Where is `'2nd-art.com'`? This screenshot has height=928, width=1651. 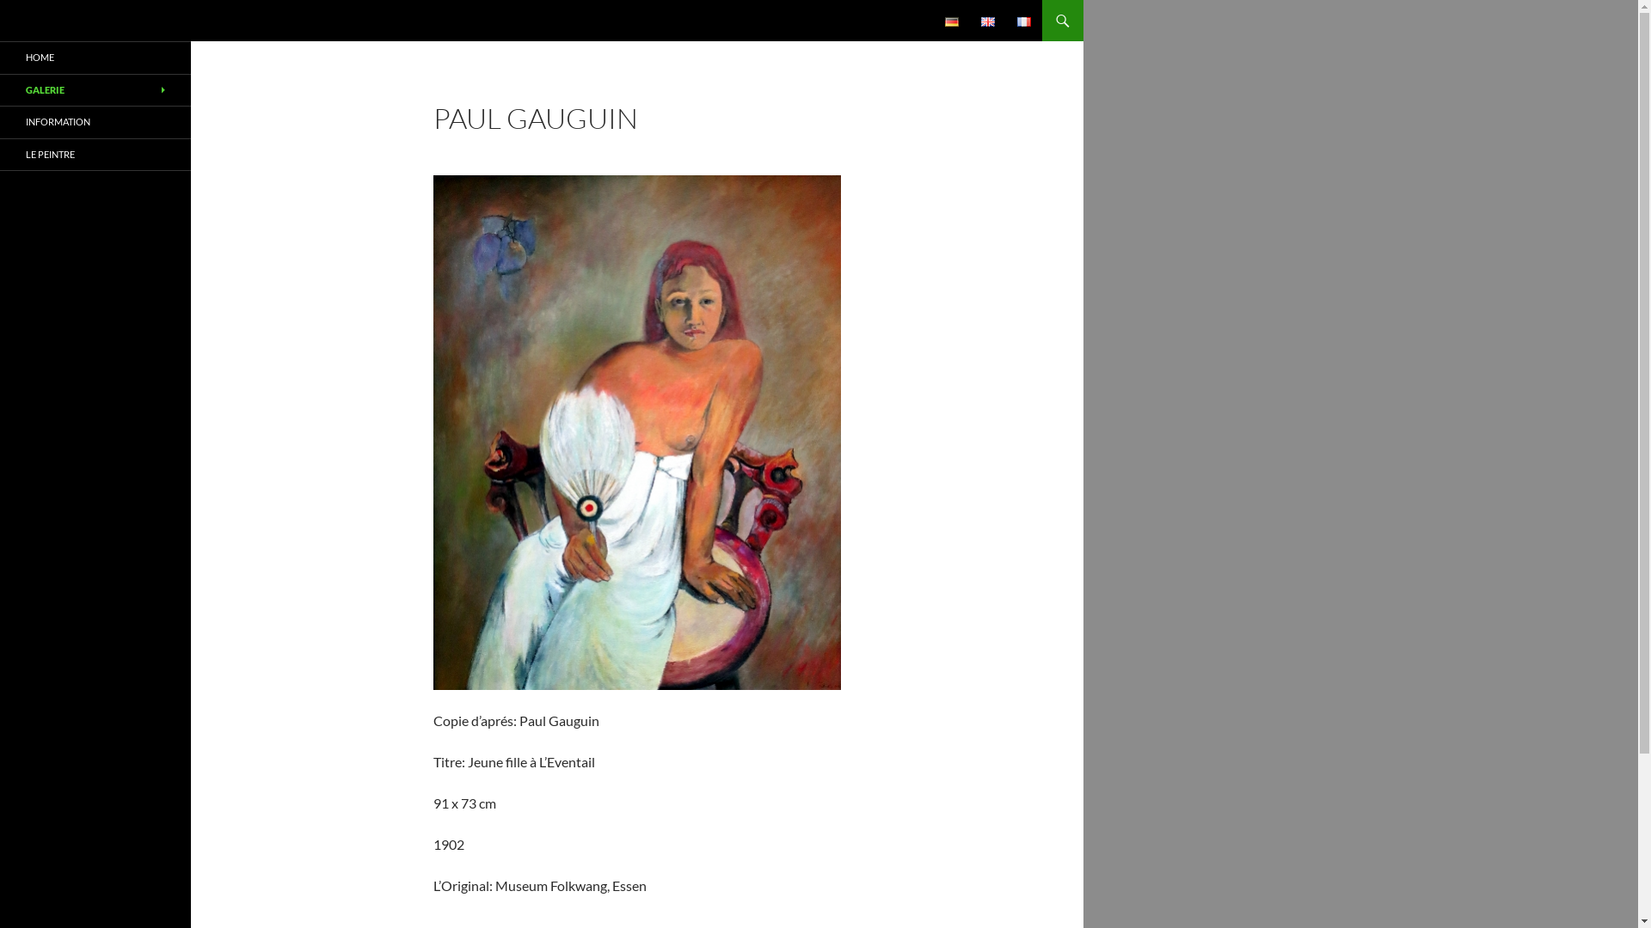
'2nd-art.com' is located at coordinates (67, 20).